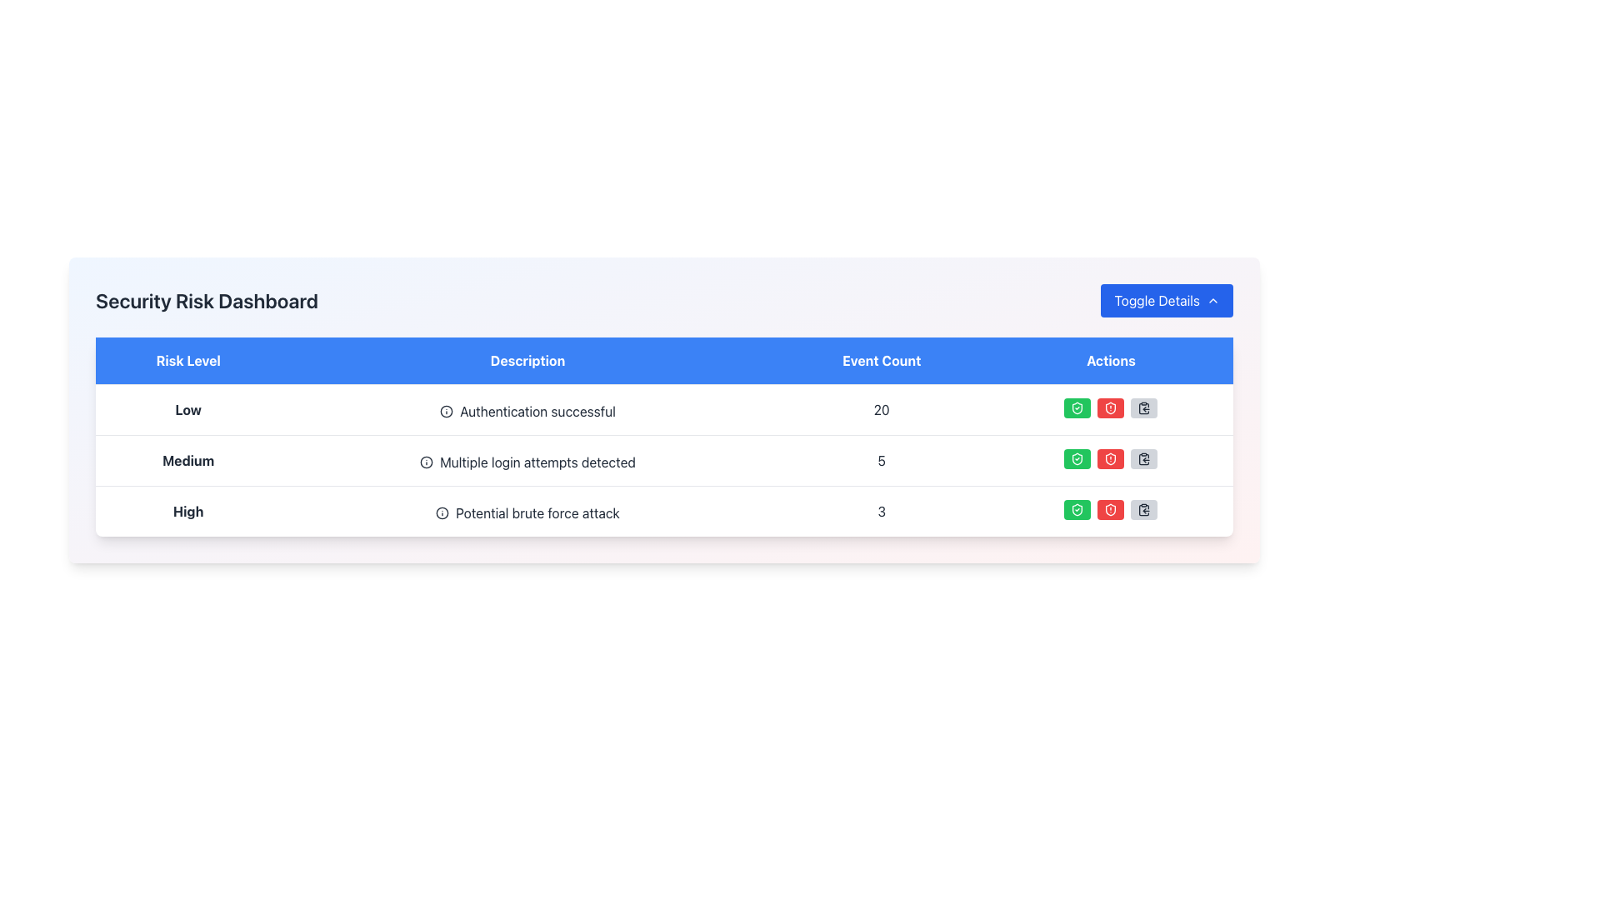  I want to click on the first button in the 'Actions' column of the second row in the data table, which is related to the 'Medium' risk level, so click(1077, 459).